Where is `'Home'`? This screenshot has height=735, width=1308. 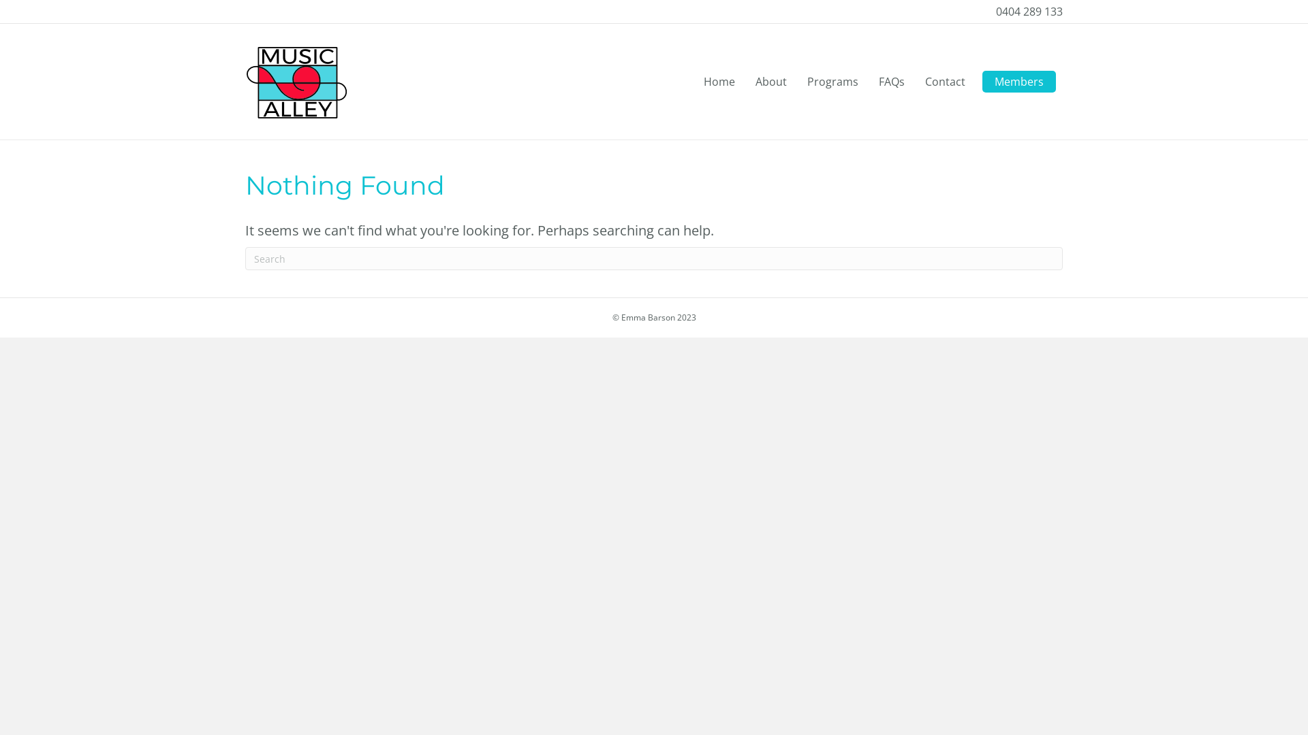
'Home' is located at coordinates (719, 81).